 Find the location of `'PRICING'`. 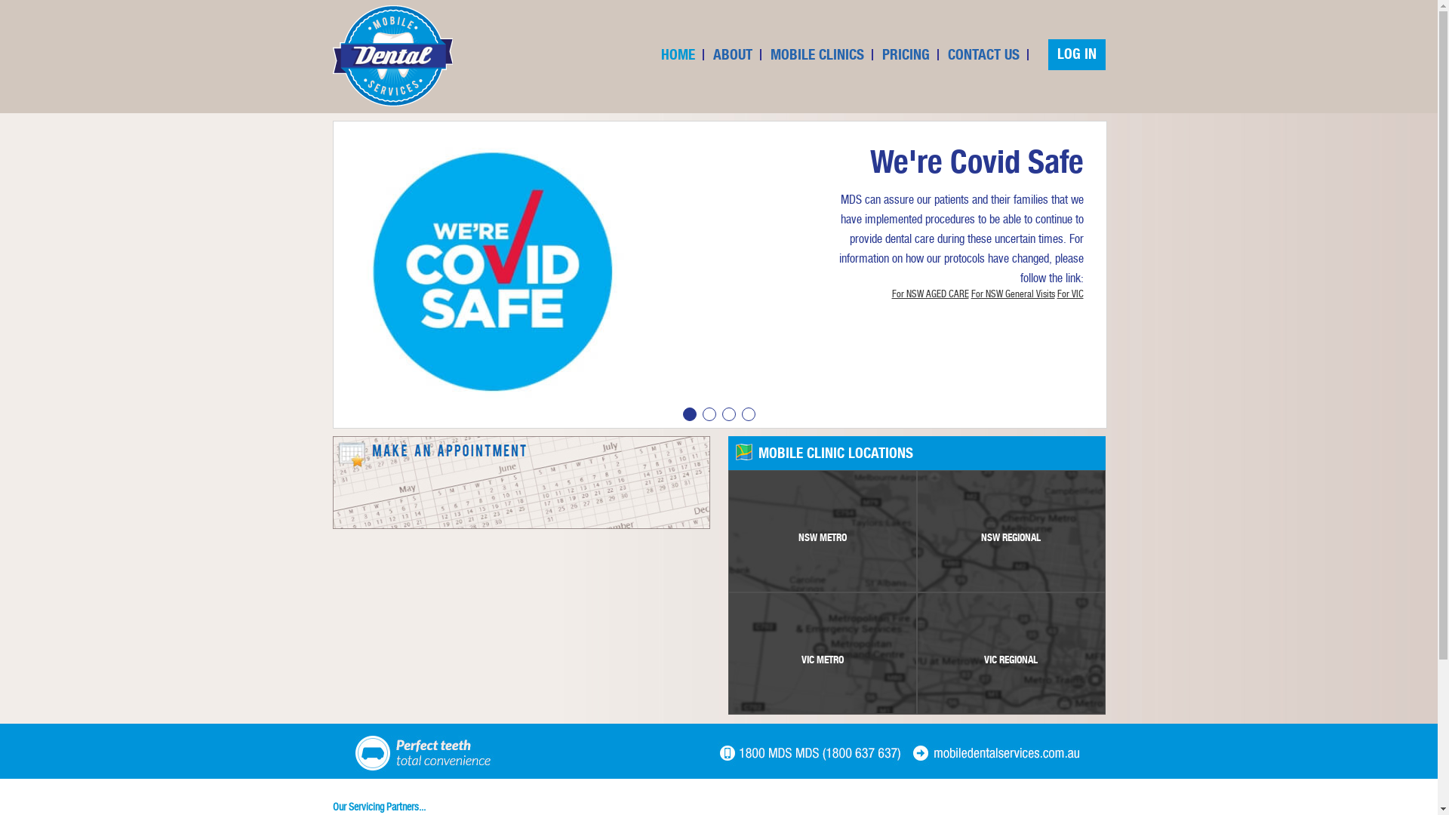

'PRICING' is located at coordinates (906, 54).